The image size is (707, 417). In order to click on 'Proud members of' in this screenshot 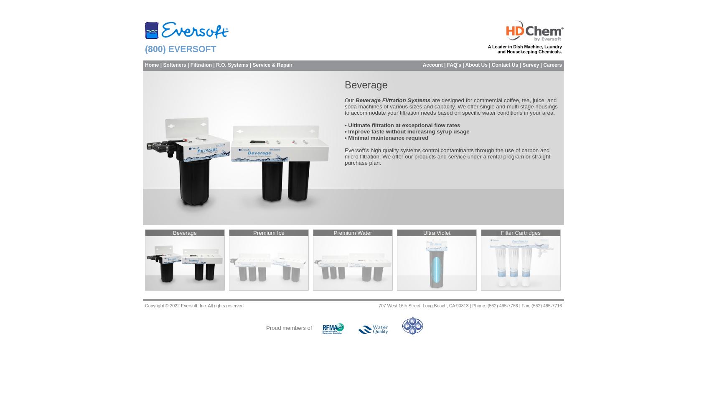, I will do `click(266, 328)`.